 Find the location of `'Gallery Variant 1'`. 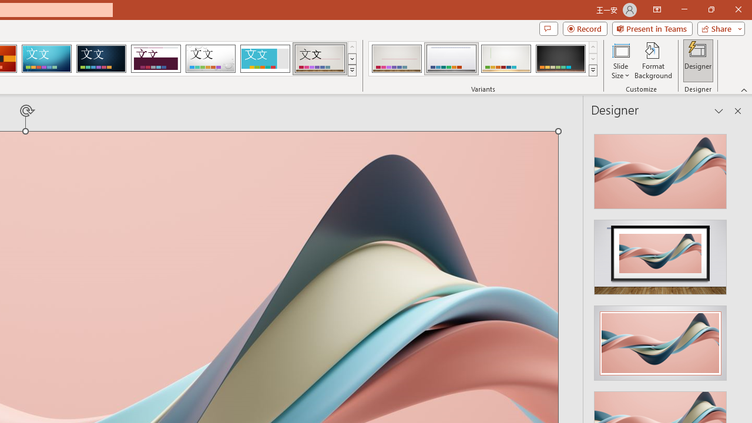

'Gallery Variant 1' is located at coordinates (397, 59).